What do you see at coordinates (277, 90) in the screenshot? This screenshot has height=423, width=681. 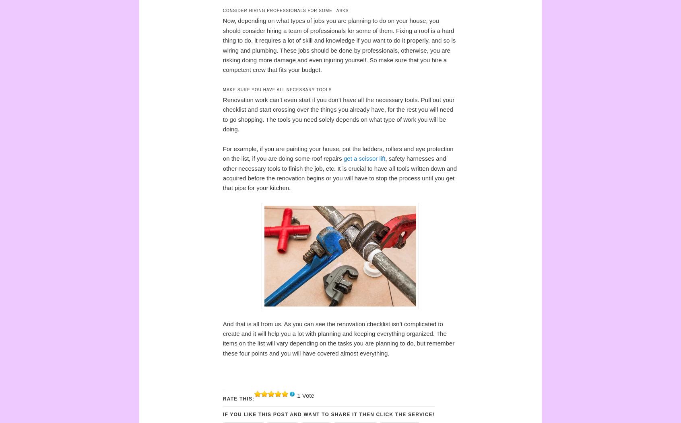 I see `'Make sure you have all necessary tools'` at bounding box center [277, 90].